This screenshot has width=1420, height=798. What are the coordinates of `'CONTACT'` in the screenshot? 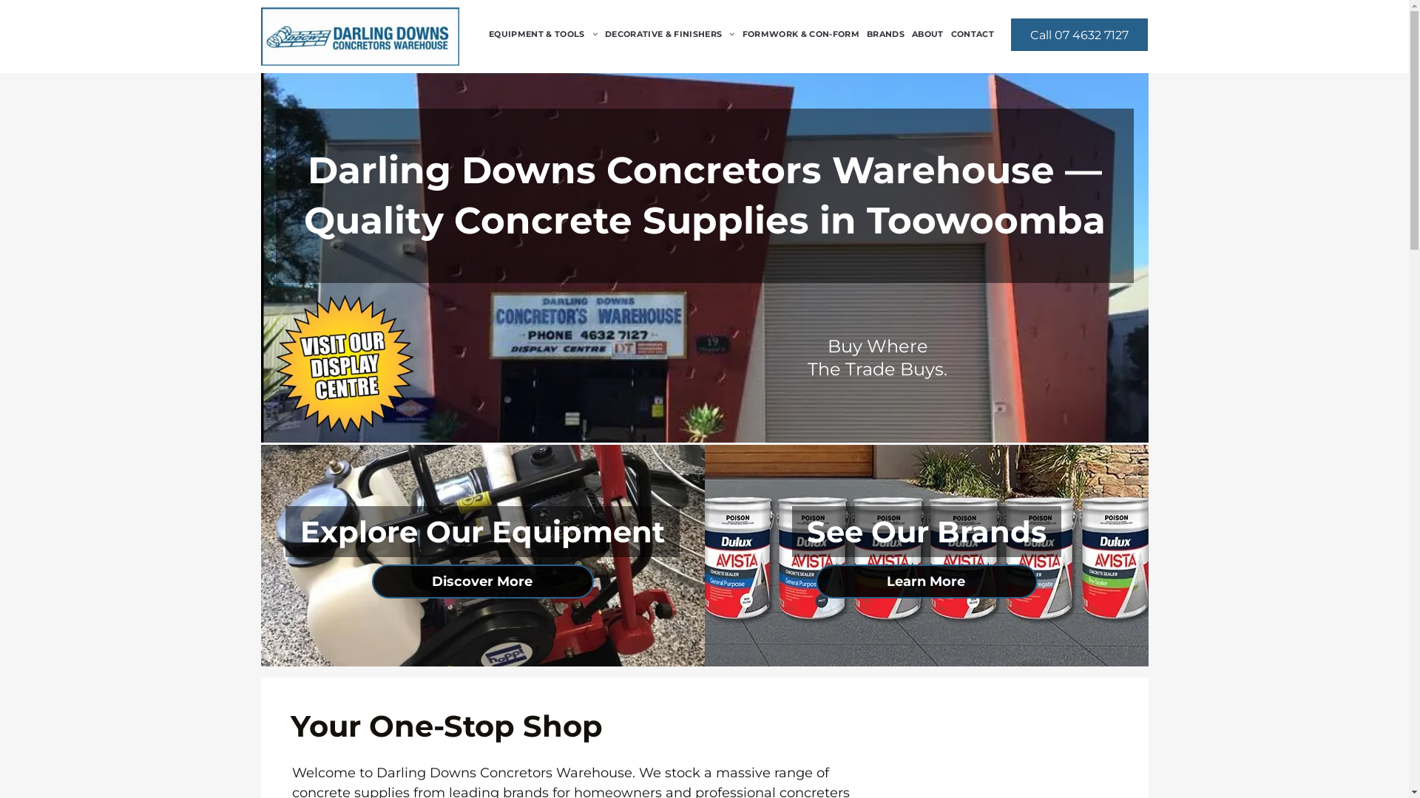 It's located at (947, 33).